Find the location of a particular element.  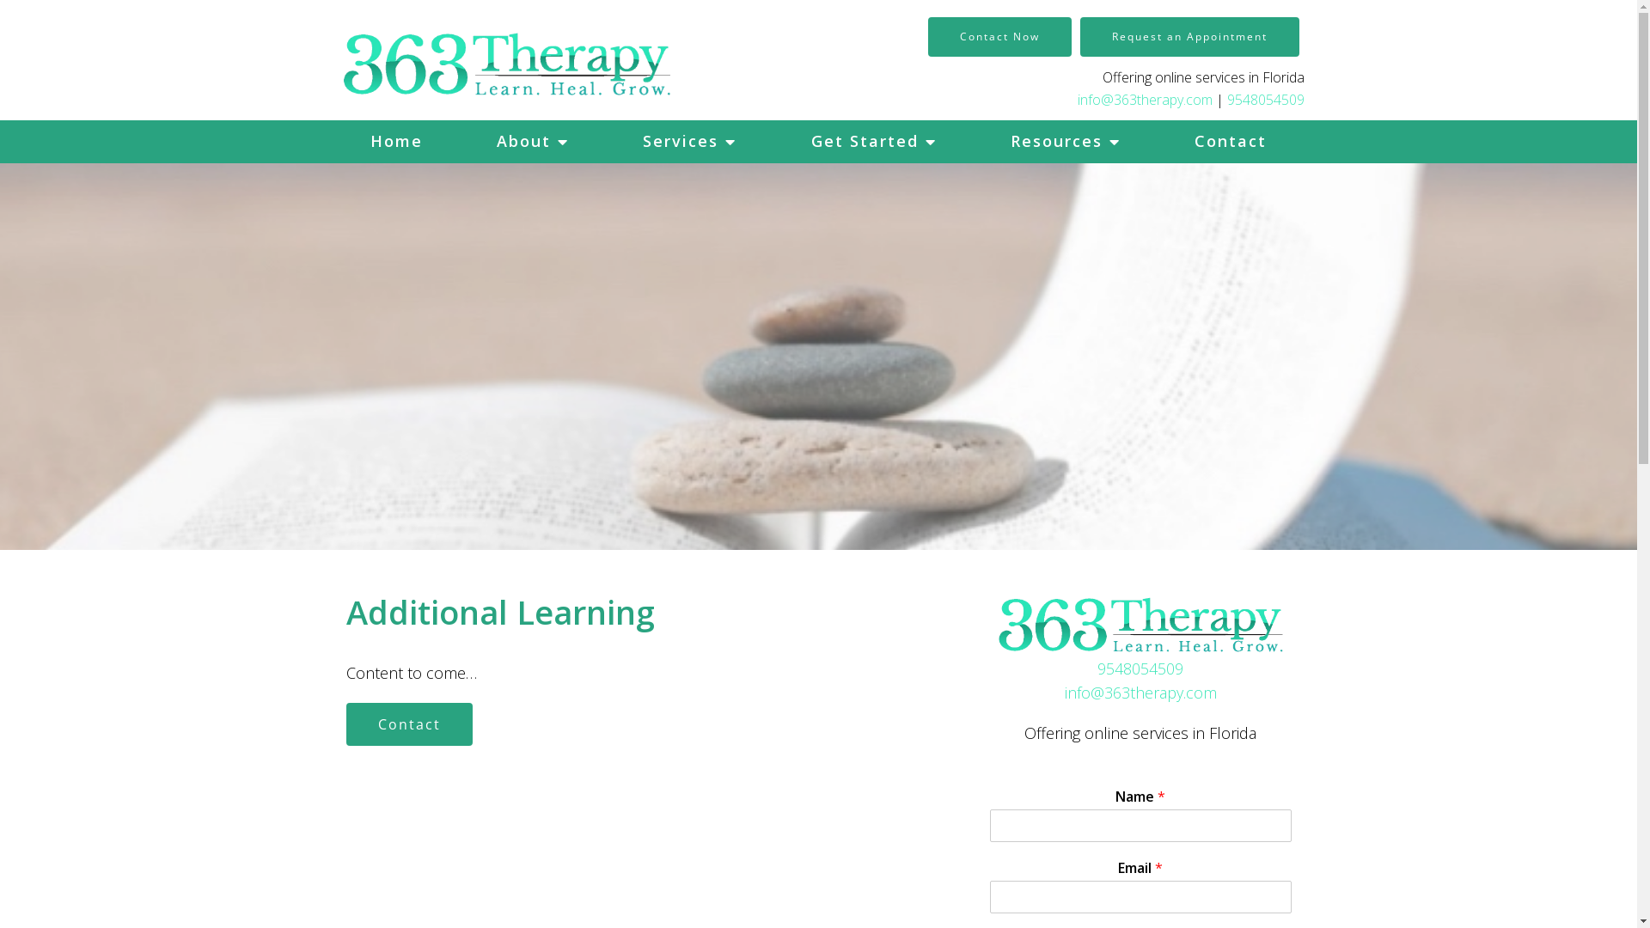

'Contact' is located at coordinates (407, 724).